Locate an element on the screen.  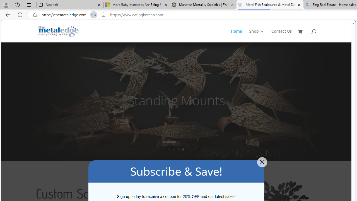
'Manatee Mortality Statistics | FWC' is located at coordinates (203, 5).